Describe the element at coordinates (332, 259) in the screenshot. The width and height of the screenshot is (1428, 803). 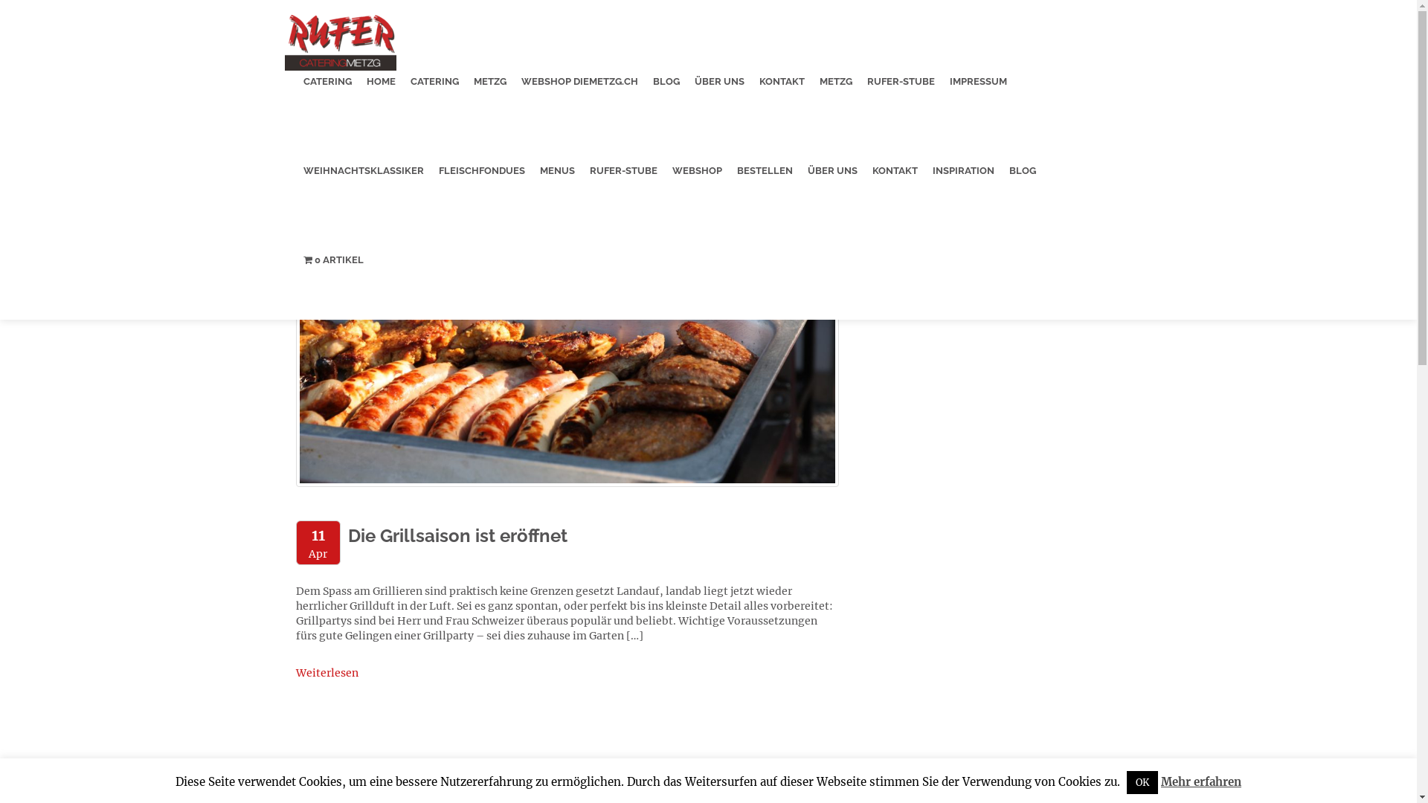
I see `'0 ARTIKEL'` at that location.